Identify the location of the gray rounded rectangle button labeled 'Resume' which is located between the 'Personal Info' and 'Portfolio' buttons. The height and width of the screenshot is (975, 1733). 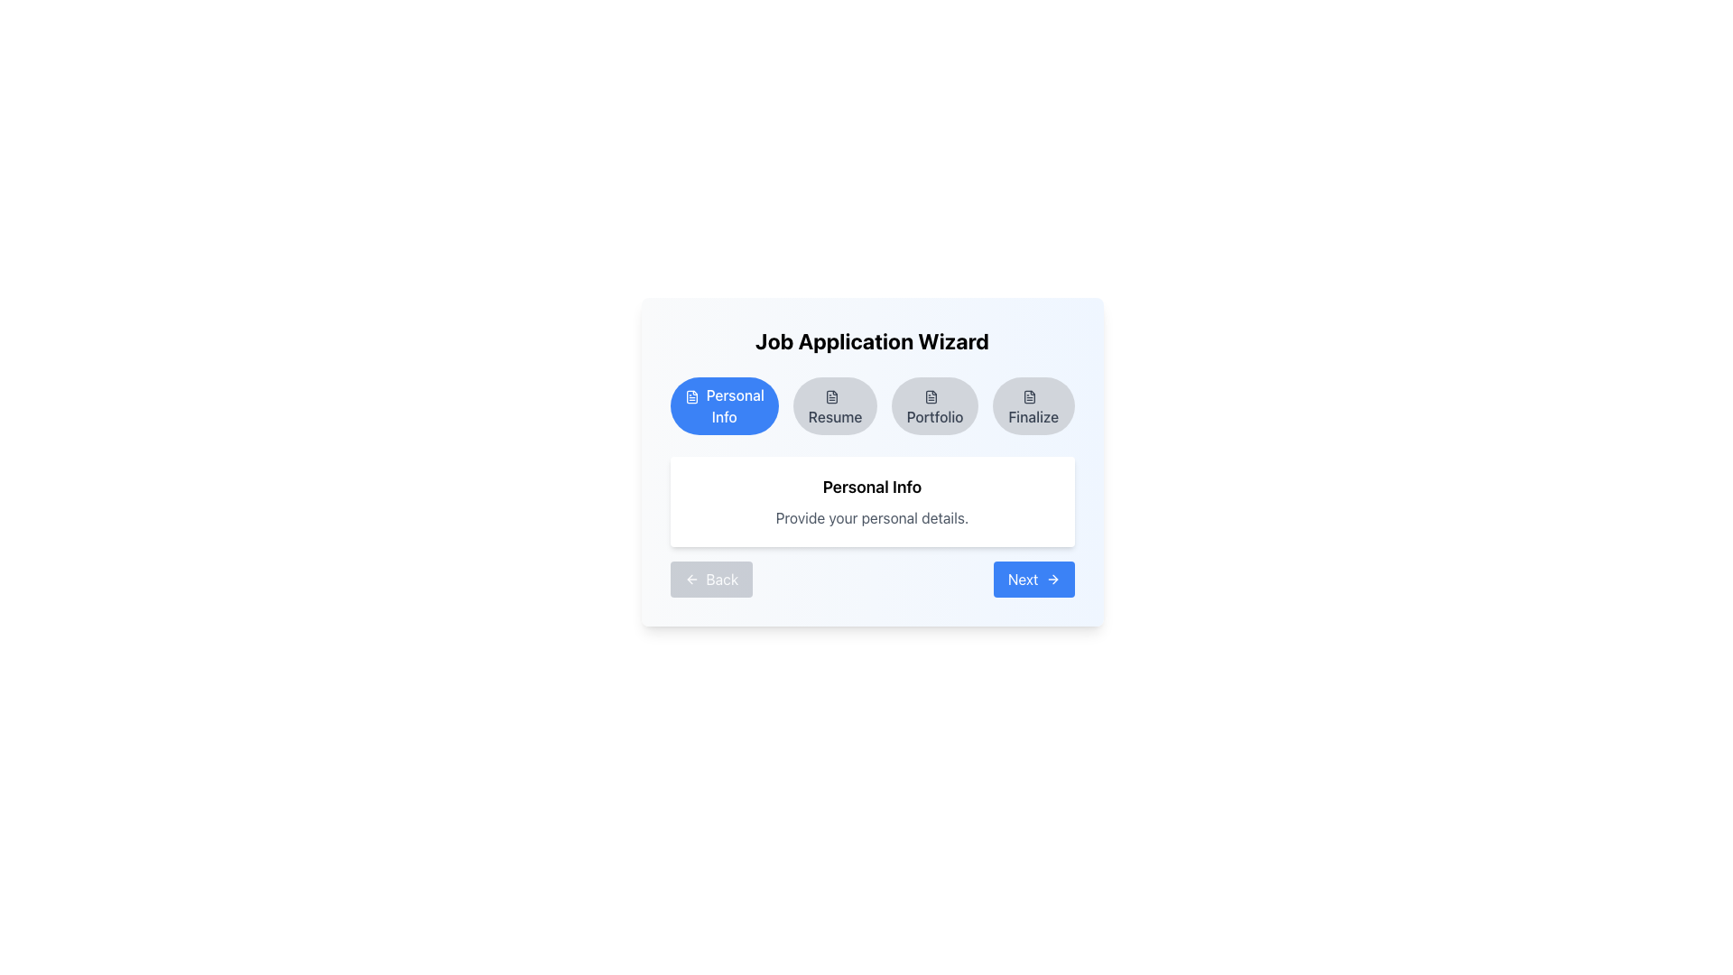
(834, 406).